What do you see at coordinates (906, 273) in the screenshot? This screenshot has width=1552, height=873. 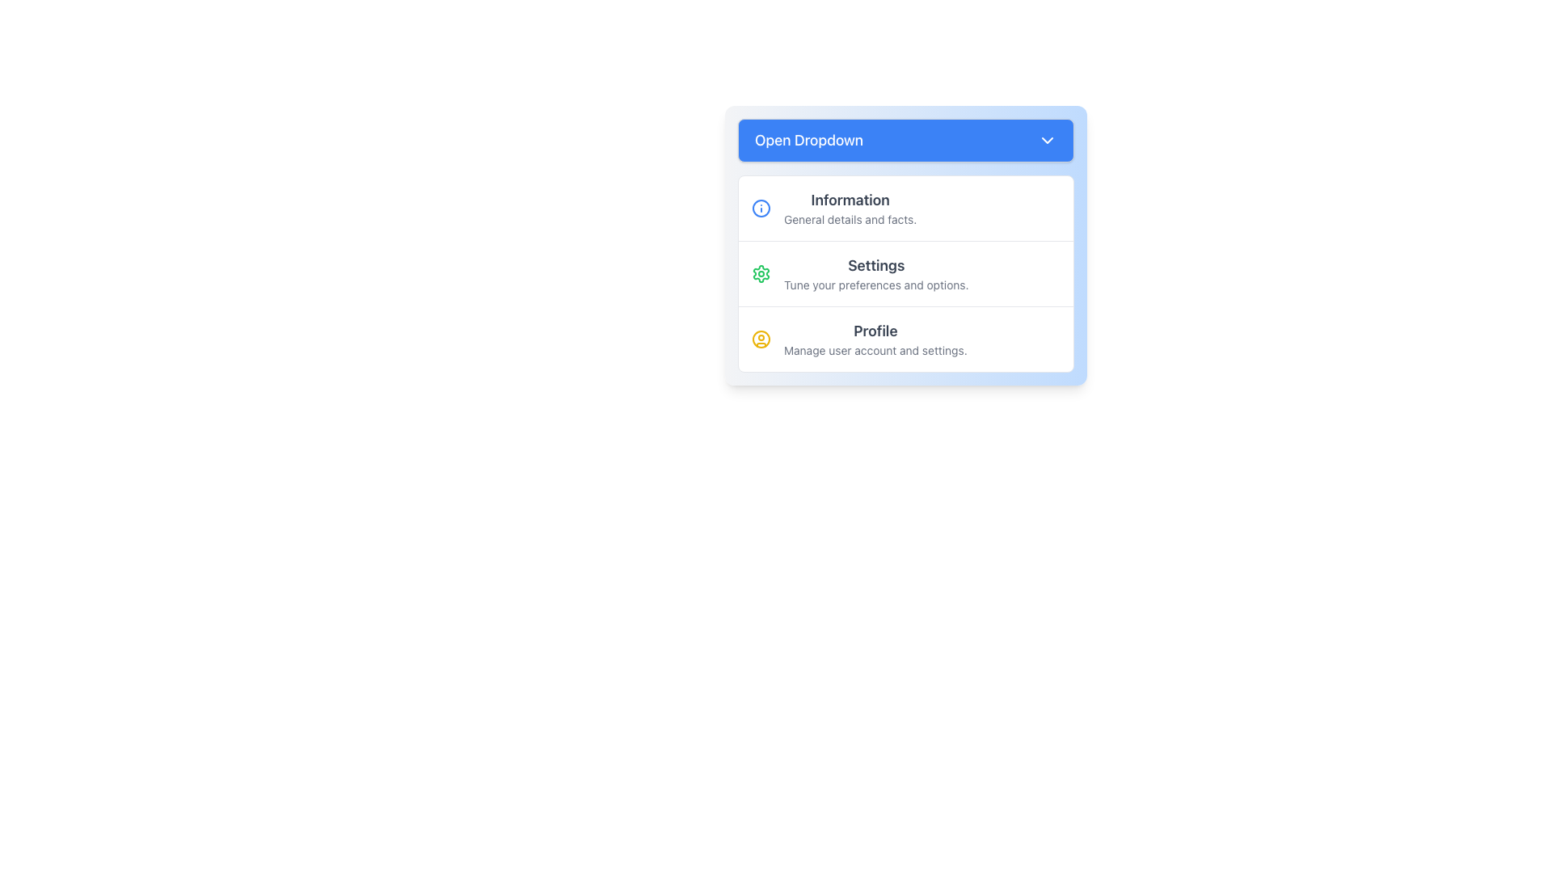 I see `the second menu item in the vertical list` at bounding box center [906, 273].